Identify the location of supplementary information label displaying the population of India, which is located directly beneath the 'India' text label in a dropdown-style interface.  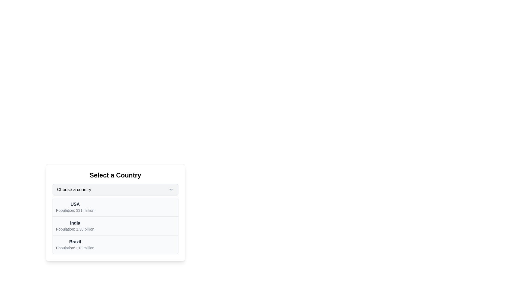
(75, 229).